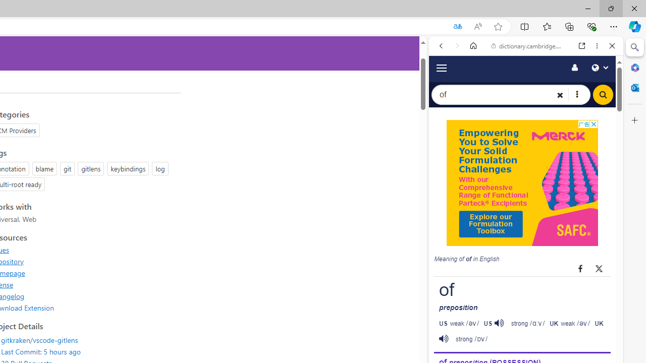 Image resolution: width=646 pixels, height=363 pixels. Describe the element at coordinates (599, 268) in the screenshot. I see `'Share on X'` at that location.